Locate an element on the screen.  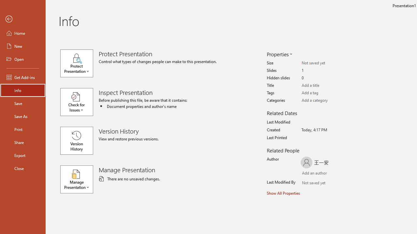
'New' is located at coordinates (22, 45).